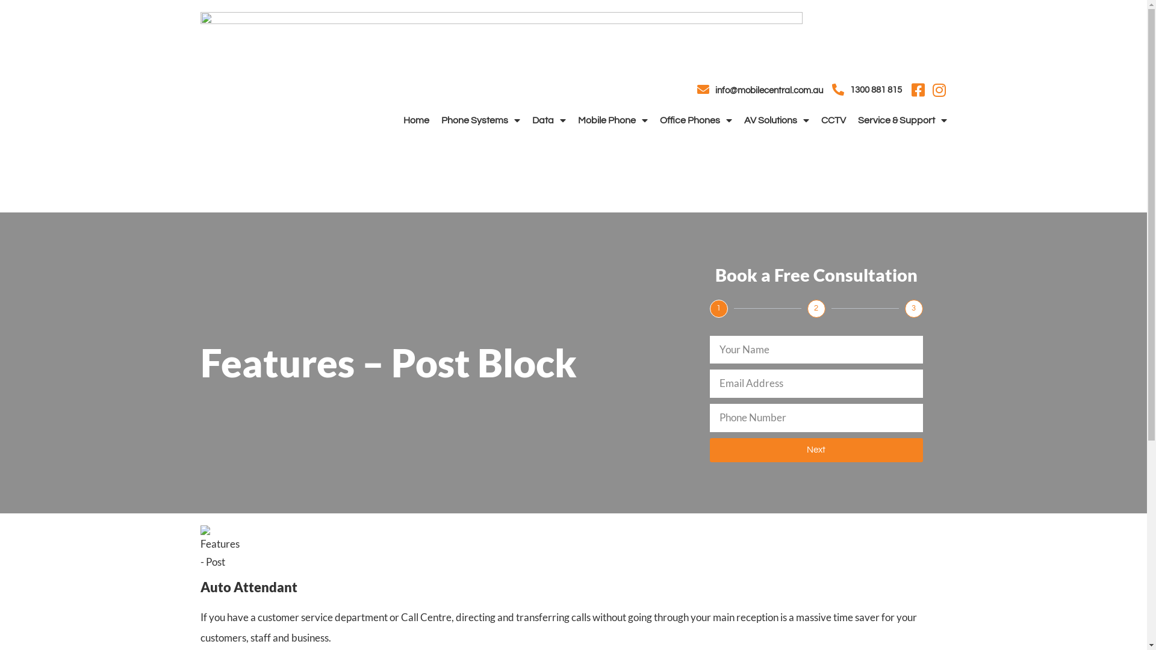 Image resolution: width=1156 pixels, height=650 pixels. I want to click on 'CCTV', so click(820, 120).